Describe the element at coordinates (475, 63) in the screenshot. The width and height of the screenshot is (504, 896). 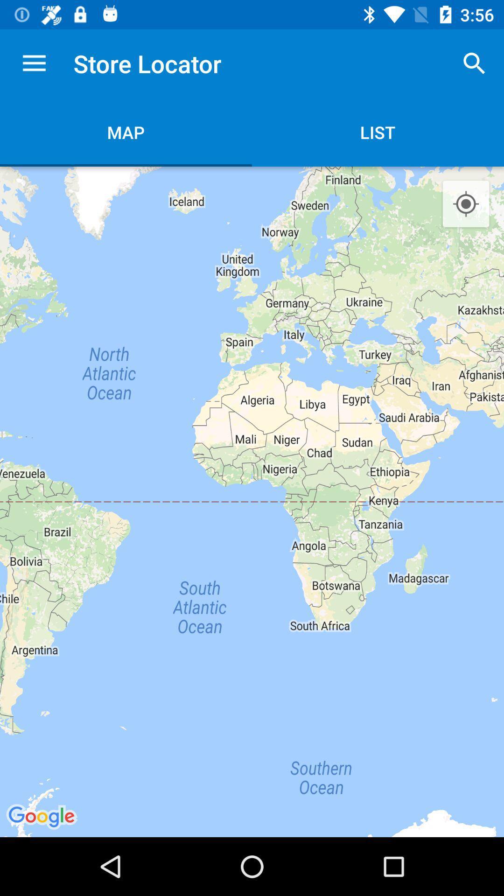
I see `the icon next to the store locator icon` at that location.